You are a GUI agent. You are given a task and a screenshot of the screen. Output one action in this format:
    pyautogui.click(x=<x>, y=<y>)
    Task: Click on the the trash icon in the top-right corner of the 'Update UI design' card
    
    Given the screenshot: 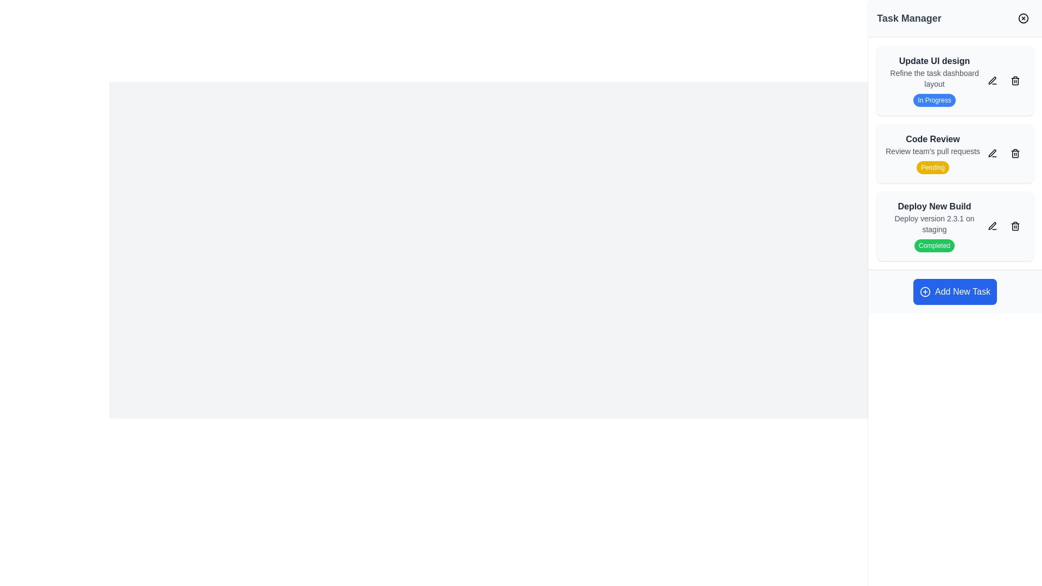 What is the action you would take?
    pyautogui.click(x=1015, y=80)
    